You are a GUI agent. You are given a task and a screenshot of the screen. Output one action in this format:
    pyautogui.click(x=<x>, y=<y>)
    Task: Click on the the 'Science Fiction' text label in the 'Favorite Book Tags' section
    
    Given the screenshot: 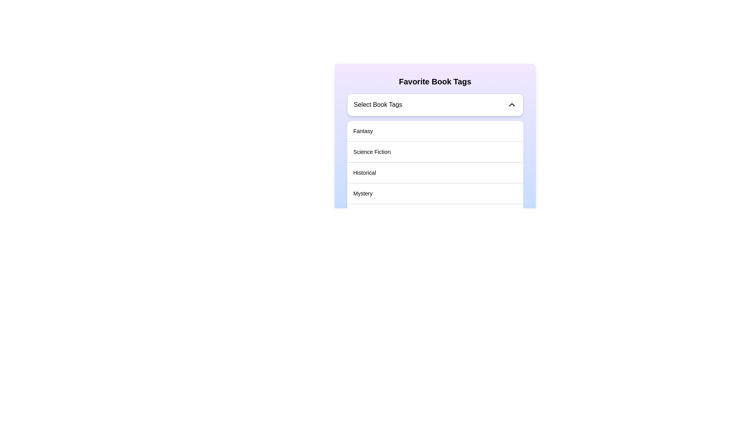 What is the action you would take?
    pyautogui.click(x=371, y=152)
    